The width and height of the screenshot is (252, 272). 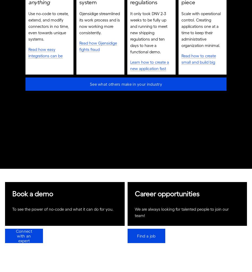 I want to click on 'Gjensidige streamlined its work process and is now working more consistently.', so click(x=100, y=24).